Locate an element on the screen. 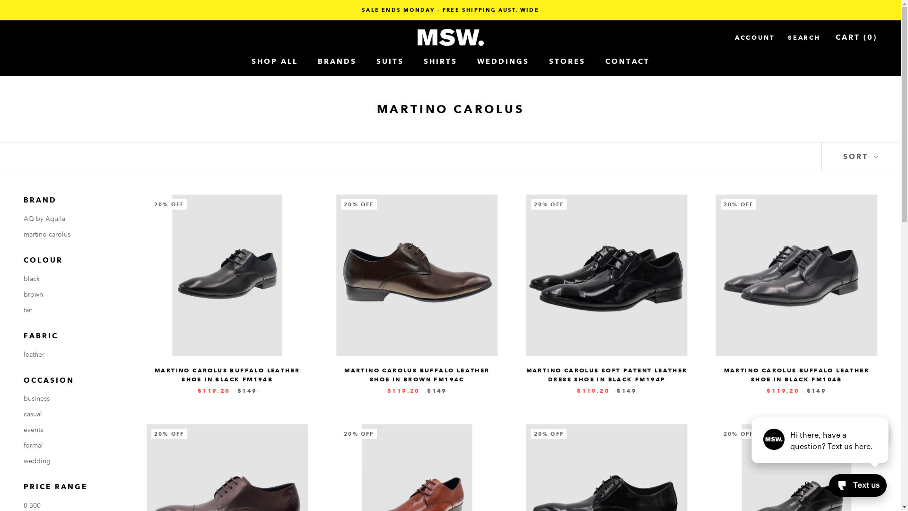  '0-300' is located at coordinates (70, 505).